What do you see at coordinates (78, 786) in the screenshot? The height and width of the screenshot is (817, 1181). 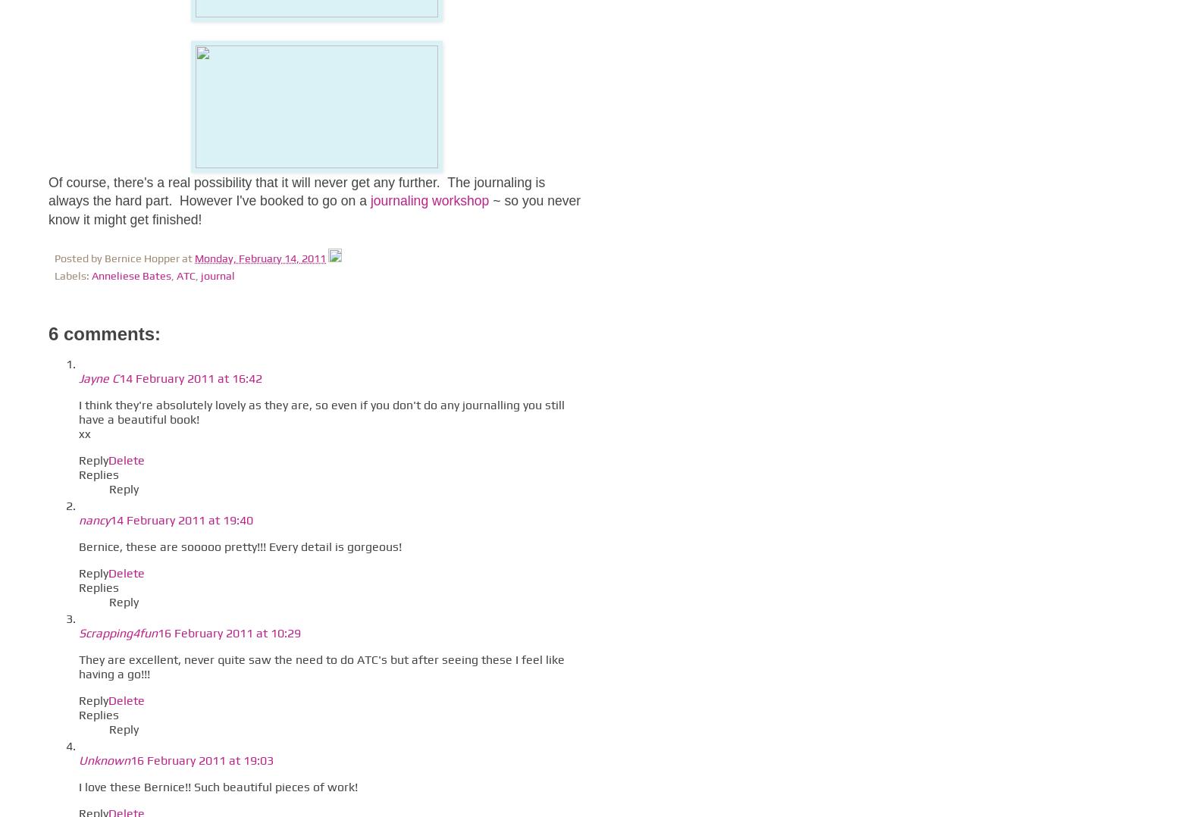 I see `'I love these Bernice!! Such beautiful pieces of work!'` at bounding box center [78, 786].